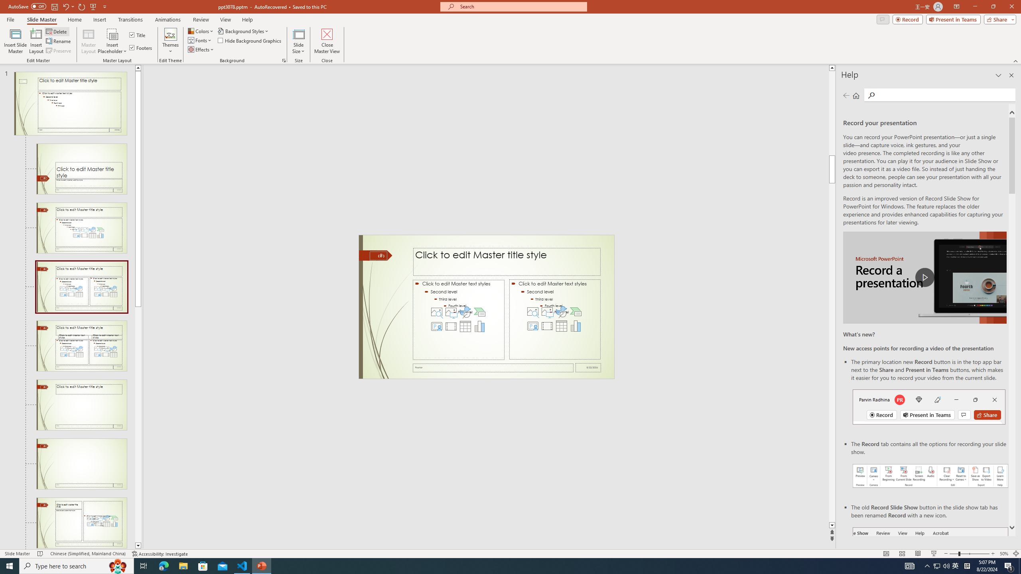 The height and width of the screenshot is (574, 1021). I want to click on 'Footers', so click(141, 47).